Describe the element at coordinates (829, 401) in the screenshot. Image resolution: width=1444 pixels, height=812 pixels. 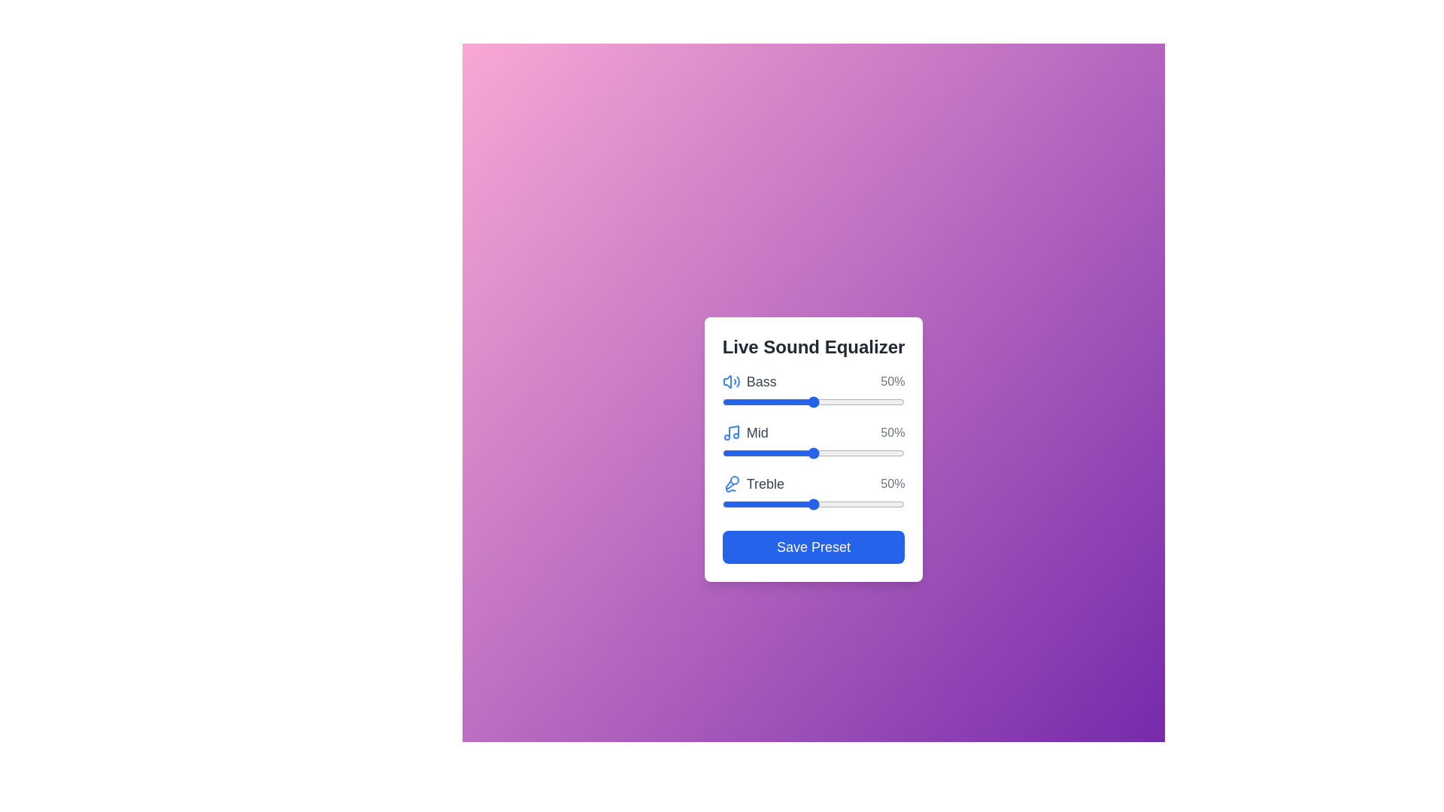
I see `the Bass slider to 59%` at that location.